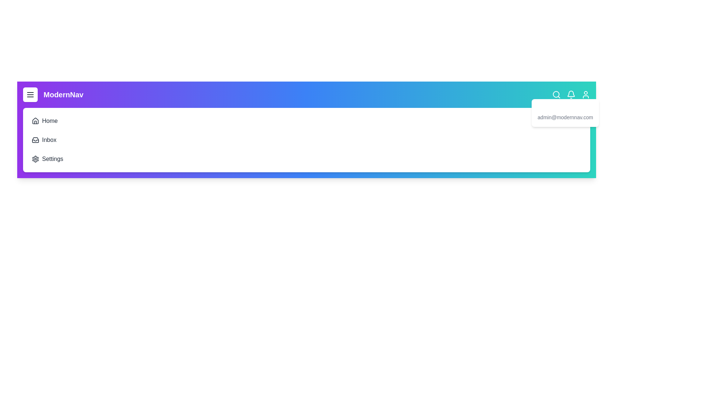 The height and width of the screenshot is (395, 703). Describe the element at coordinates (36, 153) in the screenshot. I see `the Settings navigation item` at that location.